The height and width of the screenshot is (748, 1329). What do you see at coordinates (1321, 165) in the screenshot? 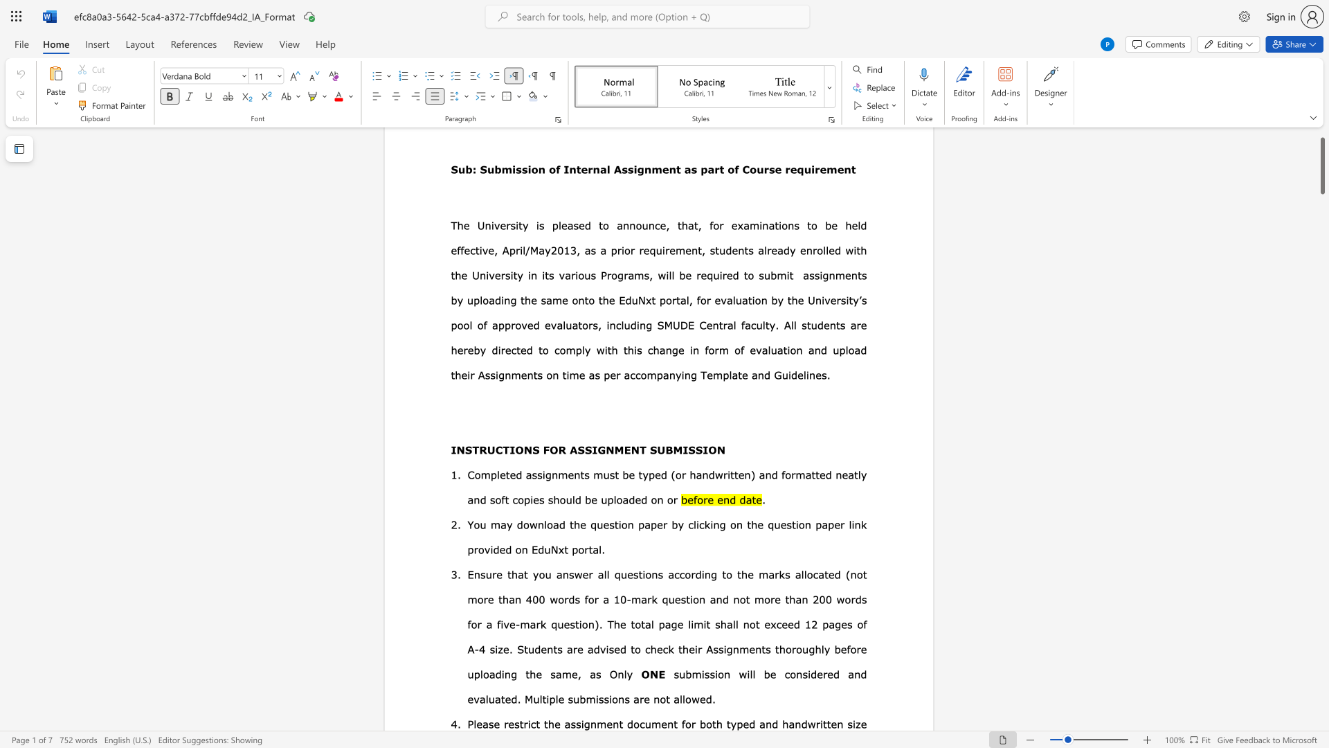
I see `the scrollbar and move down 480 pixels` at bounding box center [1321, 165].